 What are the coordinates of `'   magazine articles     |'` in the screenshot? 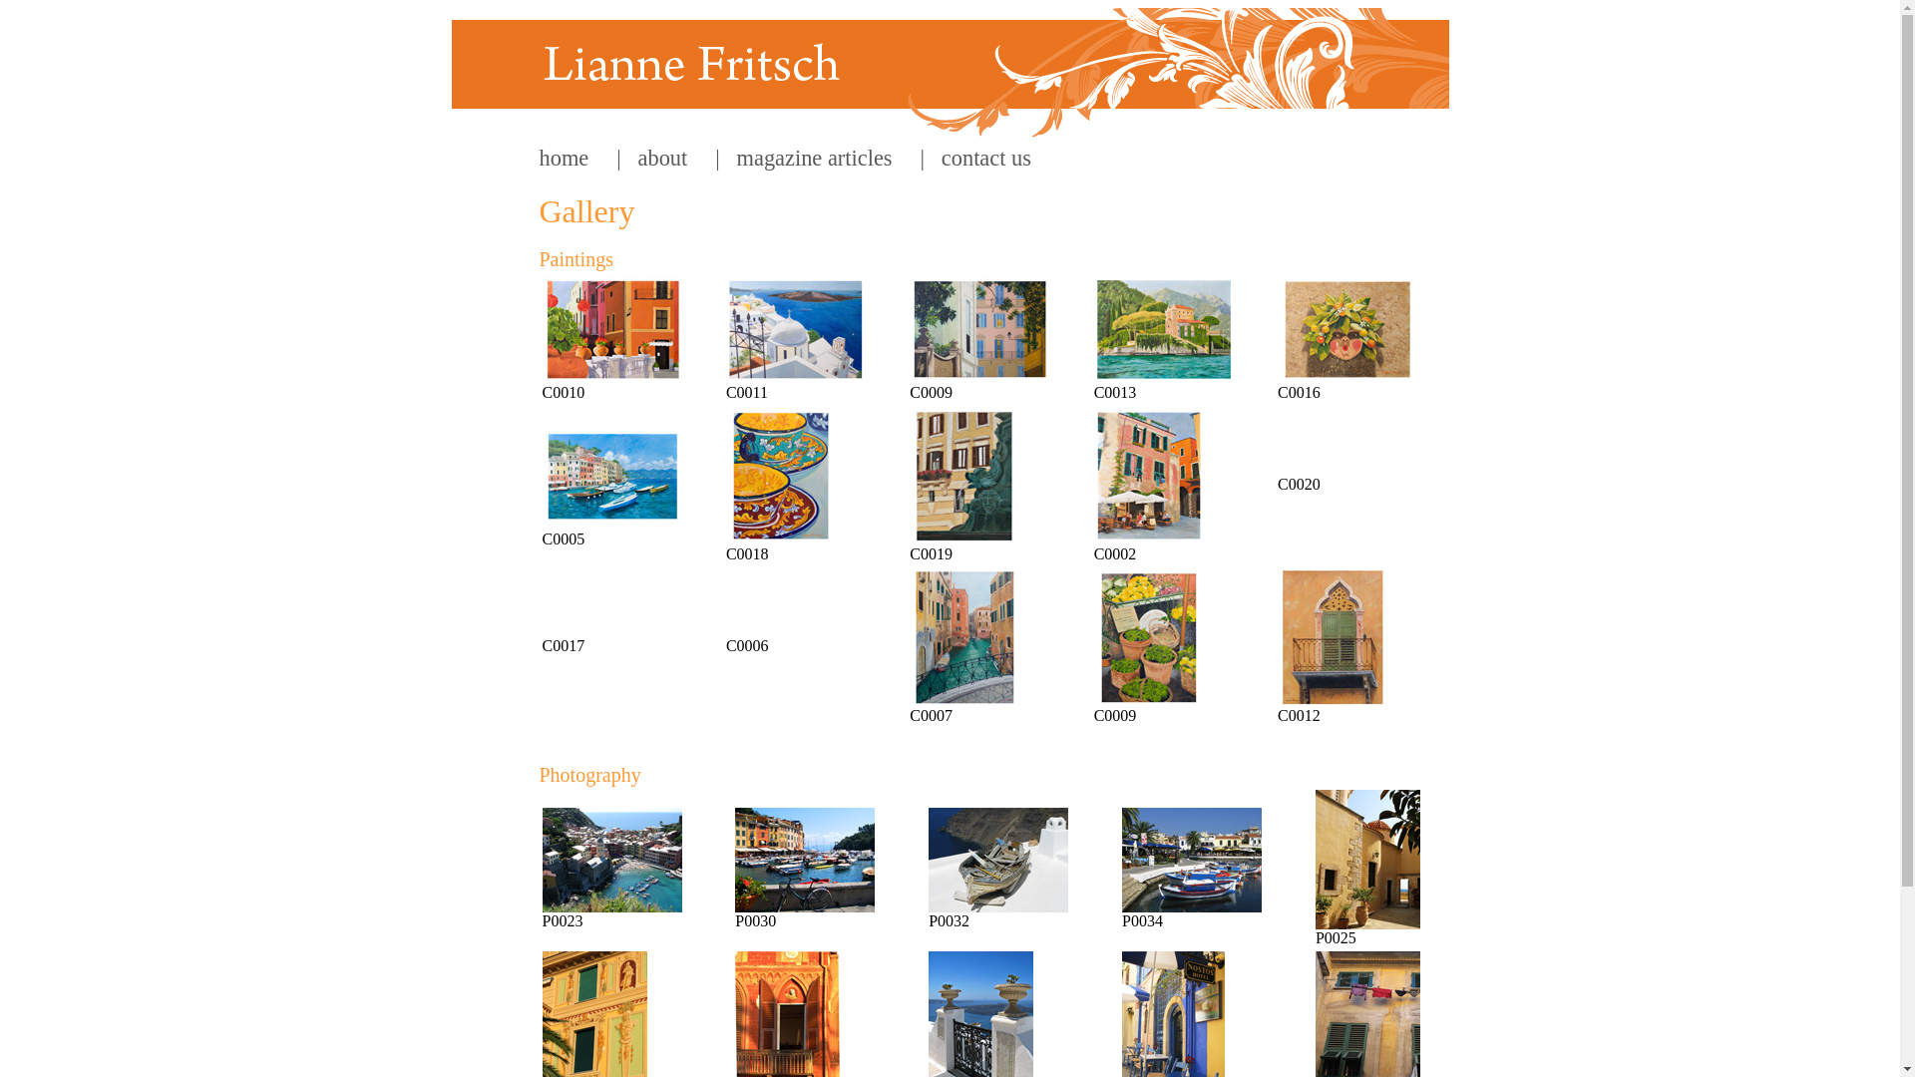 It's located at (822, 157).